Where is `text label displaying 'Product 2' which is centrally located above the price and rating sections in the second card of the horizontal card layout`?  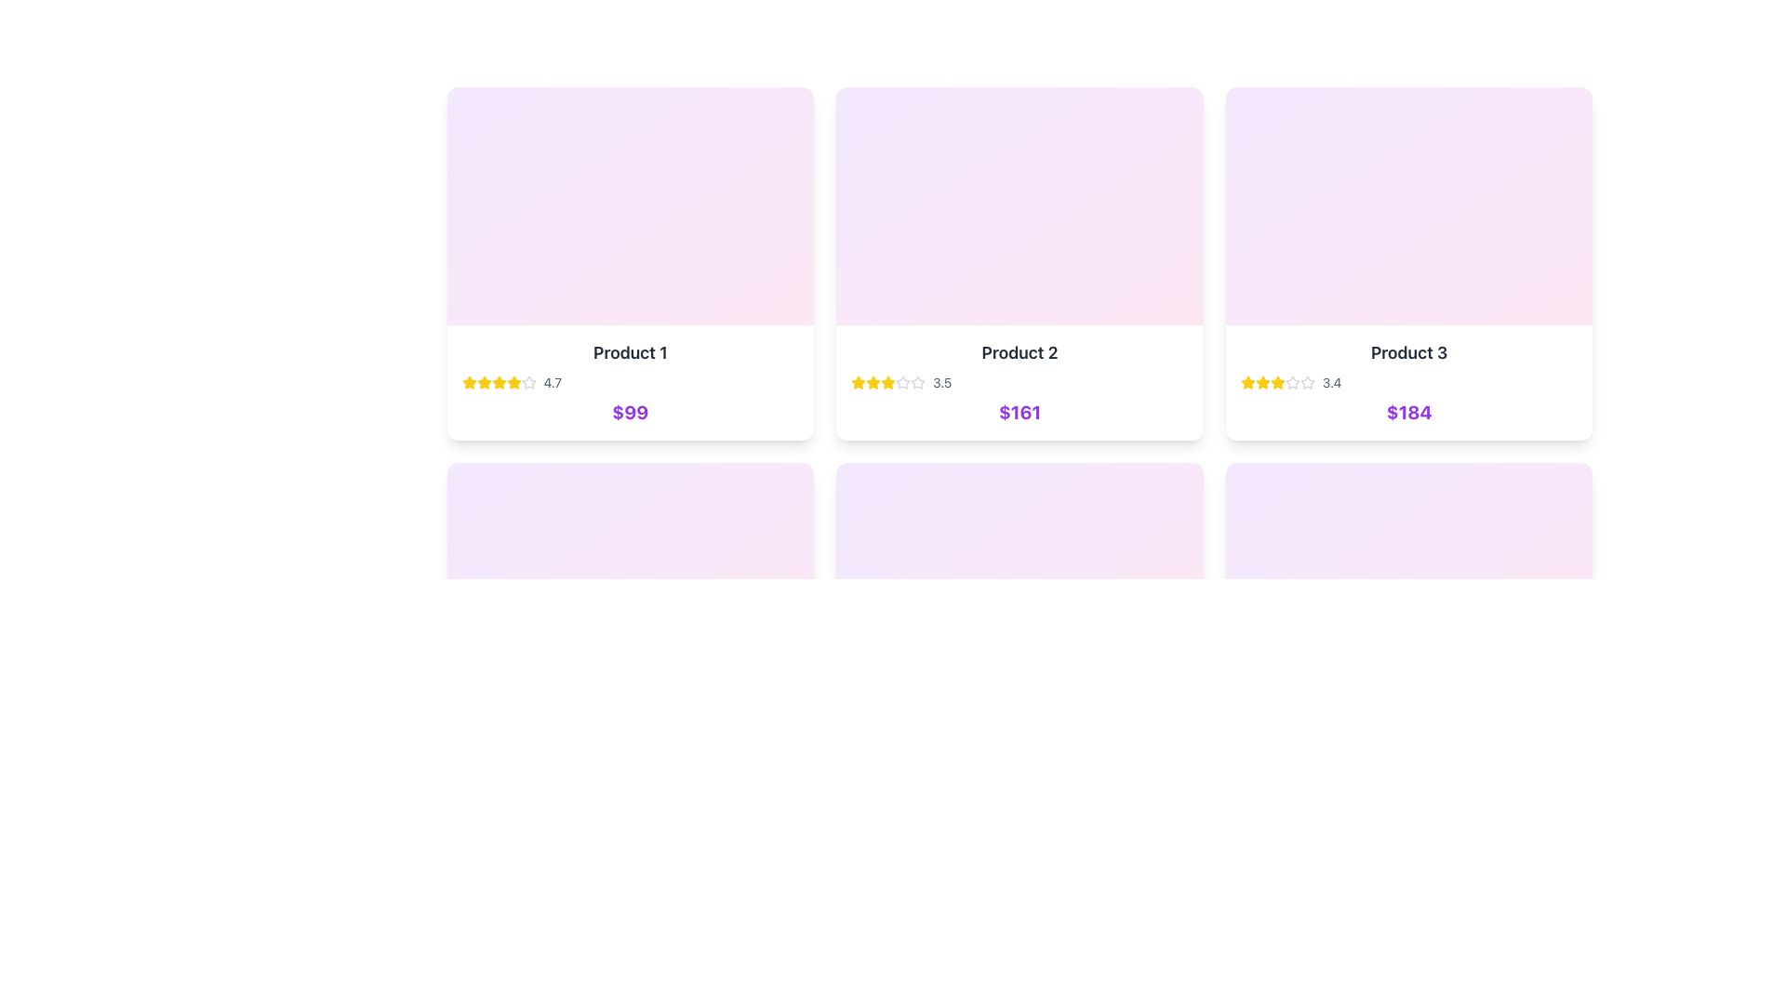
text label displaying 'Product 2' which is centrally located above the price and rating sections in the second card of the horizontal card layout is located at coordinates (1019, 353).